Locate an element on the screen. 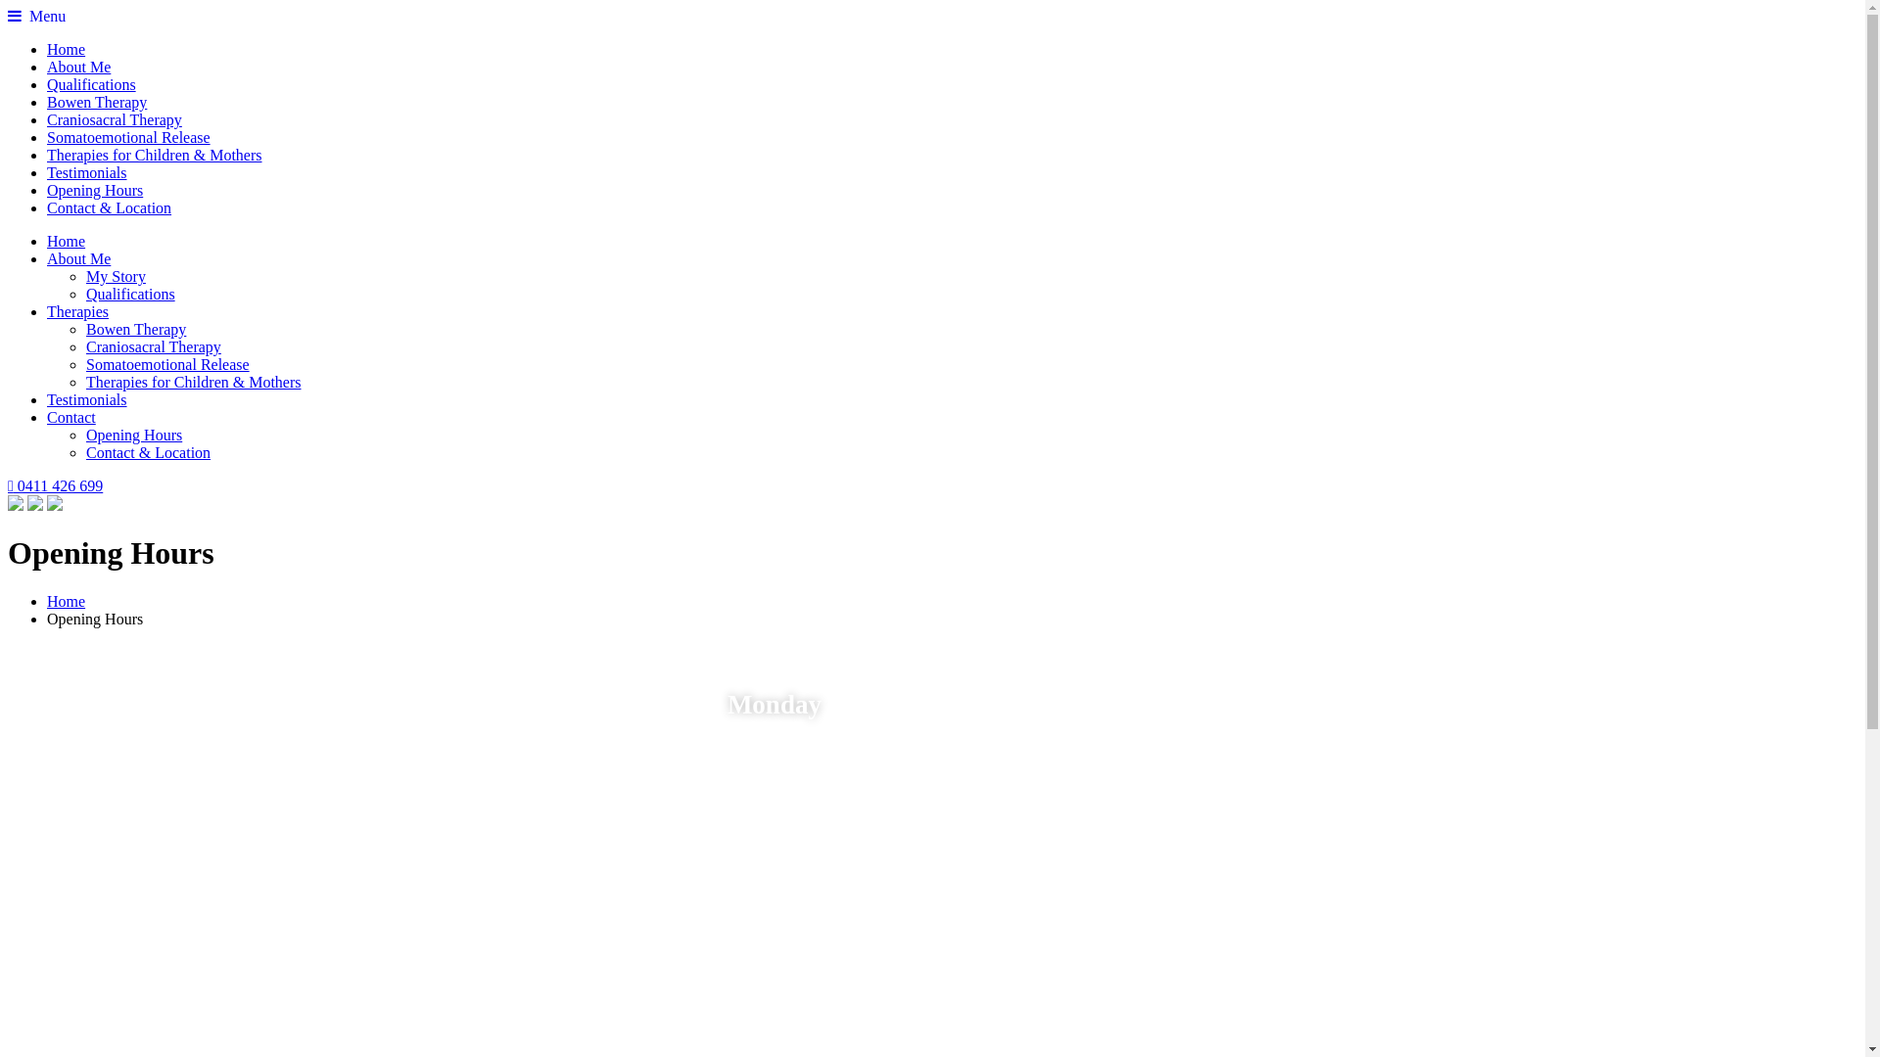 This screenshot has width=1880, height=1057. 'Therapies' is located at coordinates (77, 310).